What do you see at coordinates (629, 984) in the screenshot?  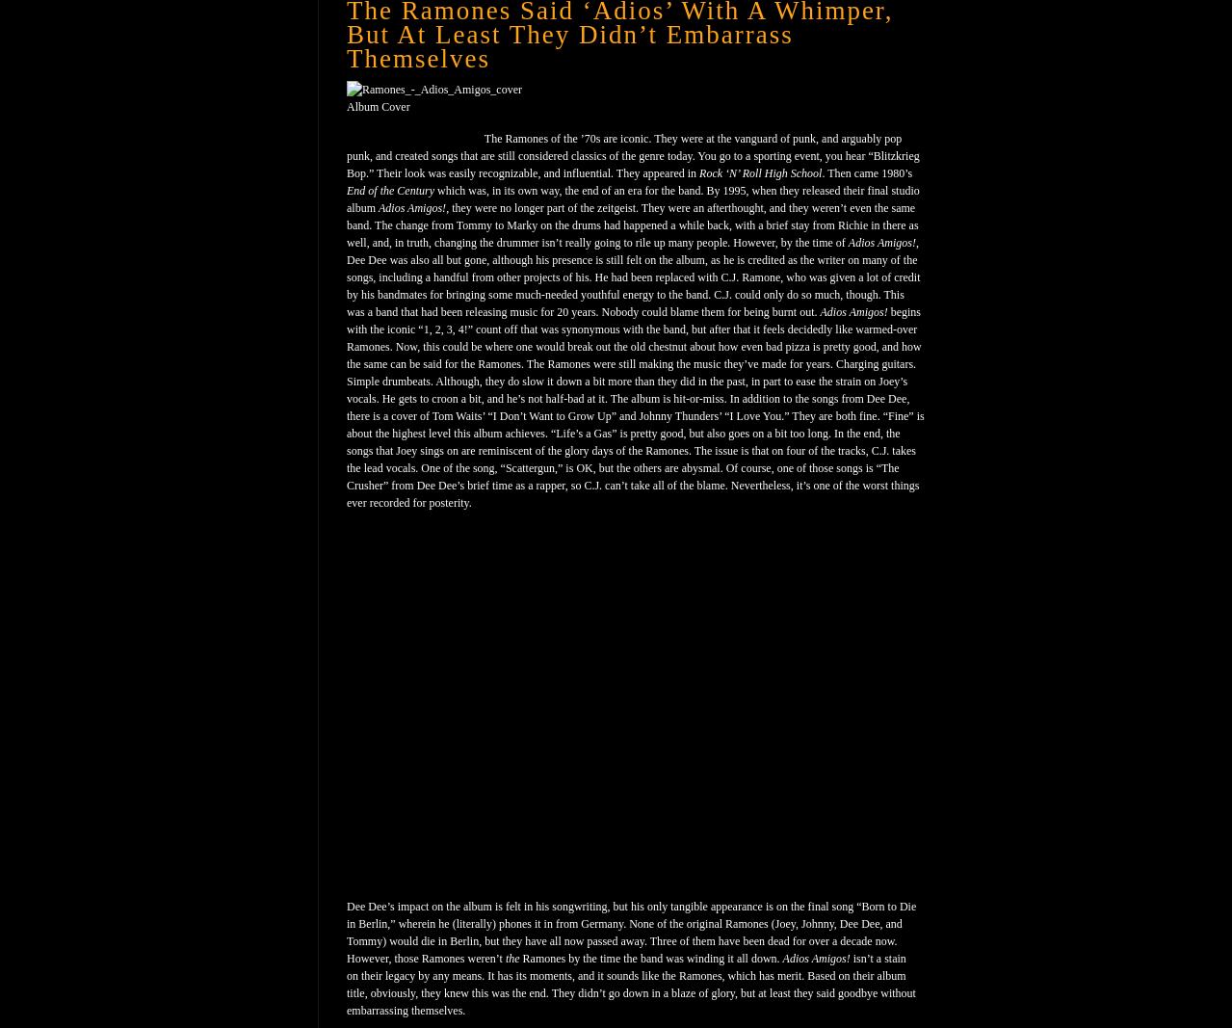 I see `'isn’t a stain on their legacy by any means. It has its moments, and it sounds like the Ramones, which has merit. Based on their album title, obviously, they knew this was the end. They didn’t go down in a blaze of glory, but at least they said goodbye without embarrassing themselves.'` at bounding box center [629, 984].